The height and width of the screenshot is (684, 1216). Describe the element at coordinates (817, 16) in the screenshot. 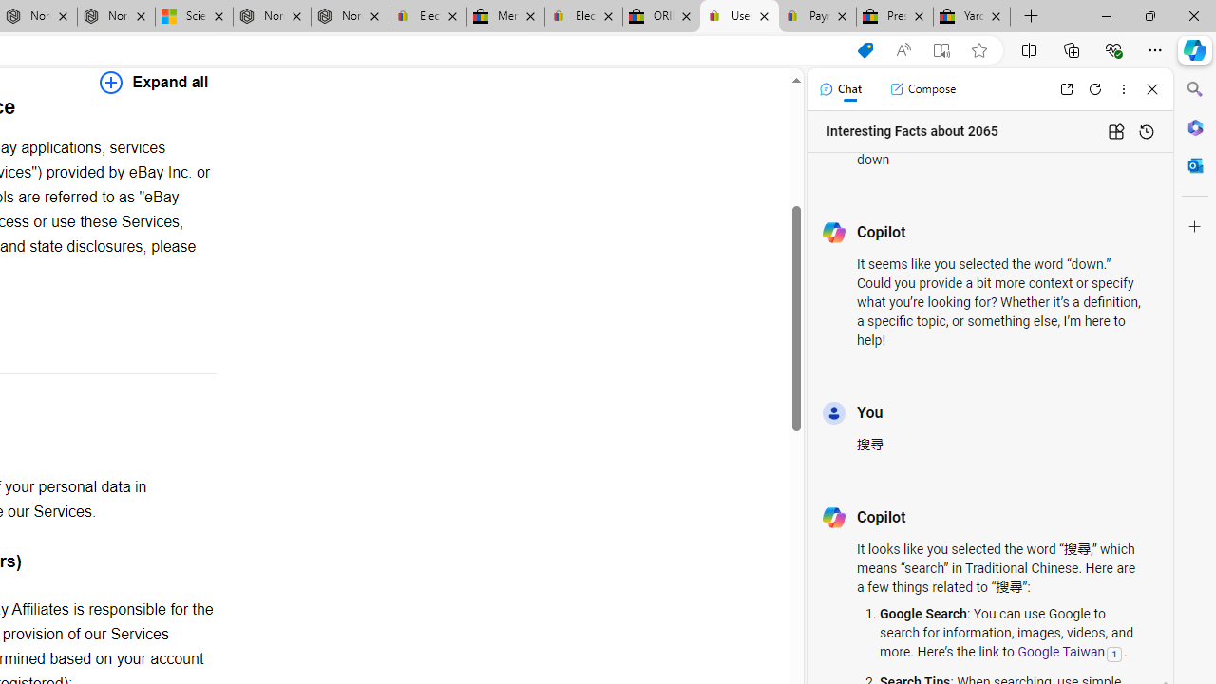

I see `'Payments Terms of Use | eBay.com'` at that location.